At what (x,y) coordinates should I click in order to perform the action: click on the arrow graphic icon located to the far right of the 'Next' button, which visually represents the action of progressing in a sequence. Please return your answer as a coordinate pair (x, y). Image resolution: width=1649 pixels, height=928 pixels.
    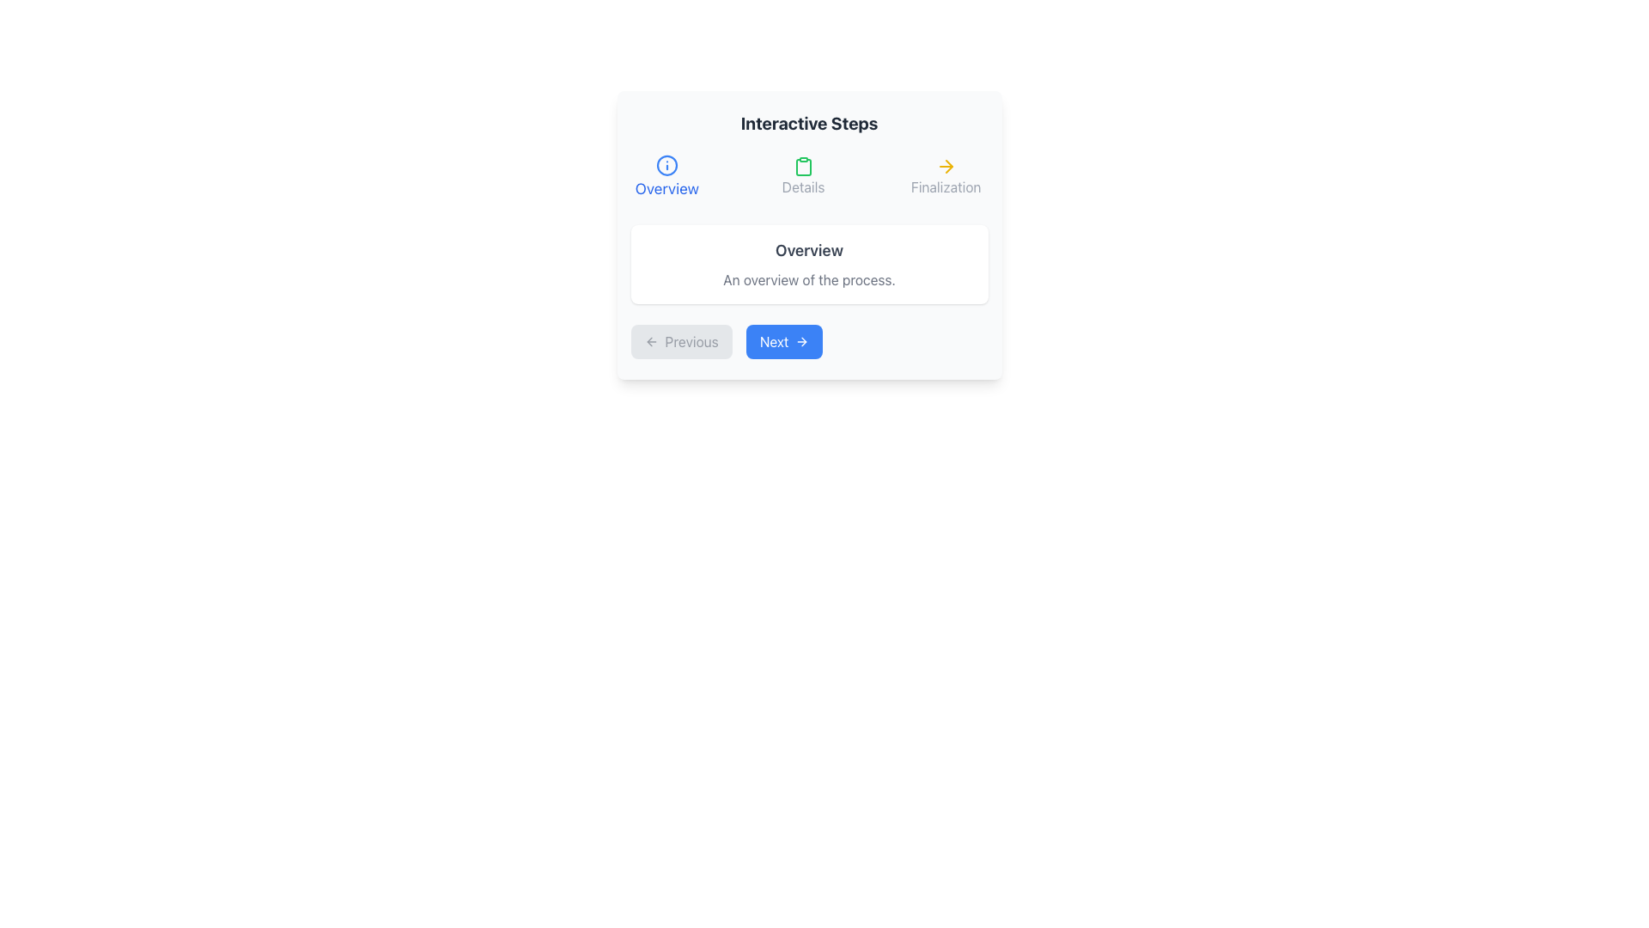
    Looking at the image, I should click on (803, 341).